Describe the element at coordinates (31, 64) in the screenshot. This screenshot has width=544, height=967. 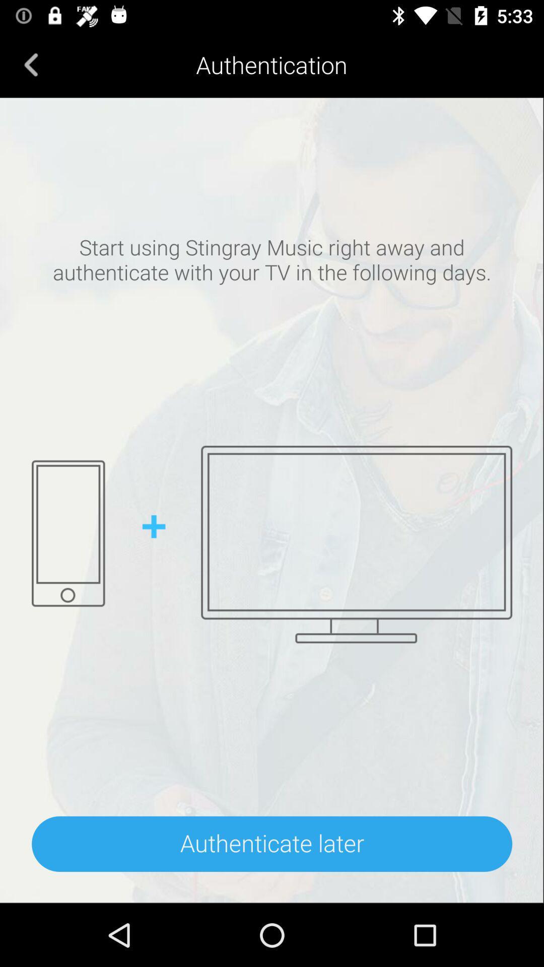
I see `icon next to authentication` at that location.